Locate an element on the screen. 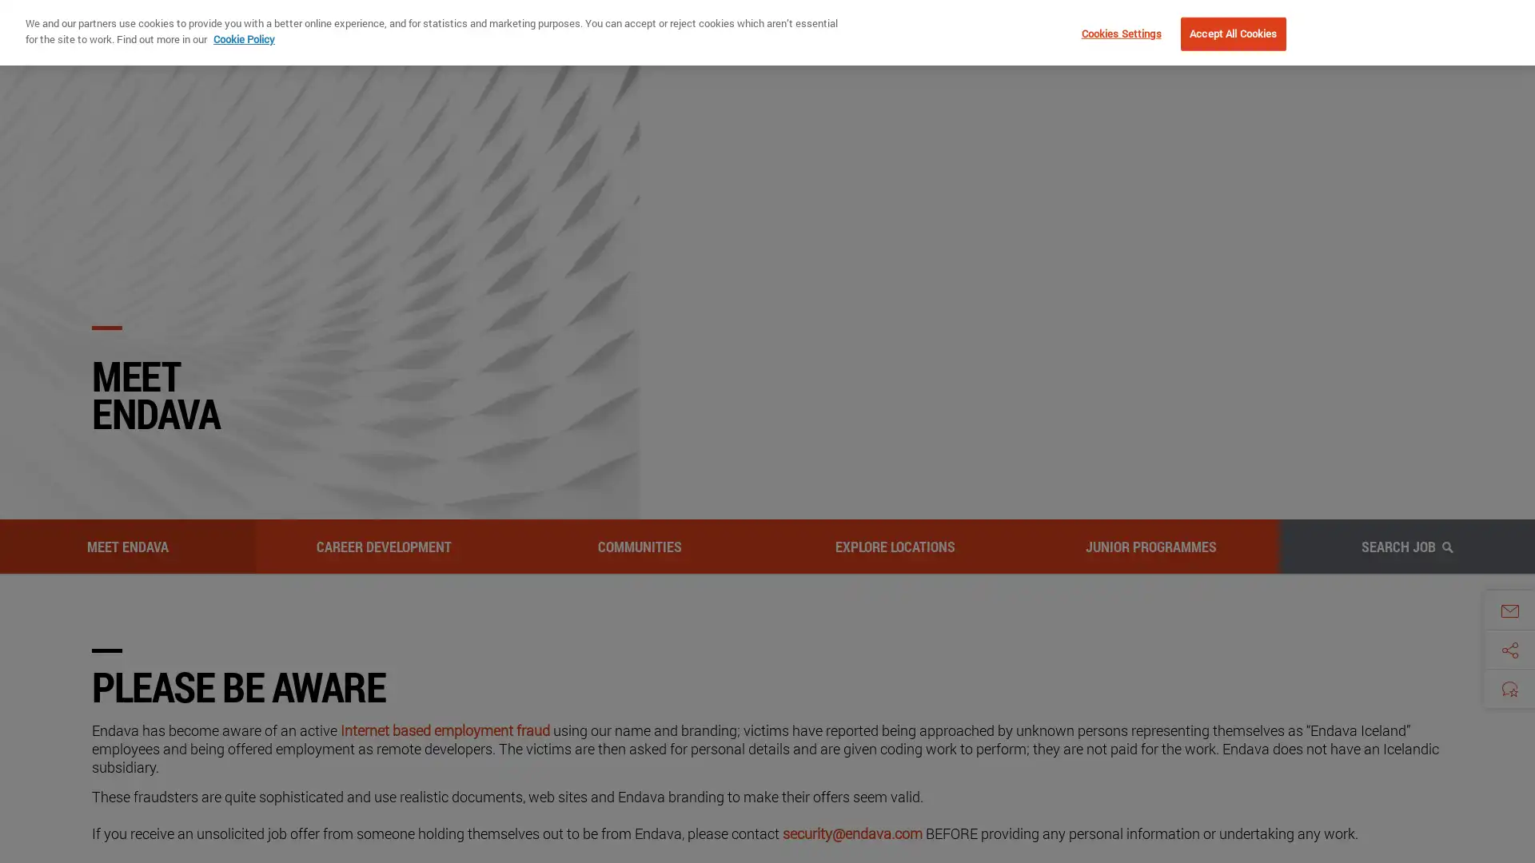 The height and width of the screenshot is (863, 1535). Cookies Settings is located at coordinates (1116, 34).